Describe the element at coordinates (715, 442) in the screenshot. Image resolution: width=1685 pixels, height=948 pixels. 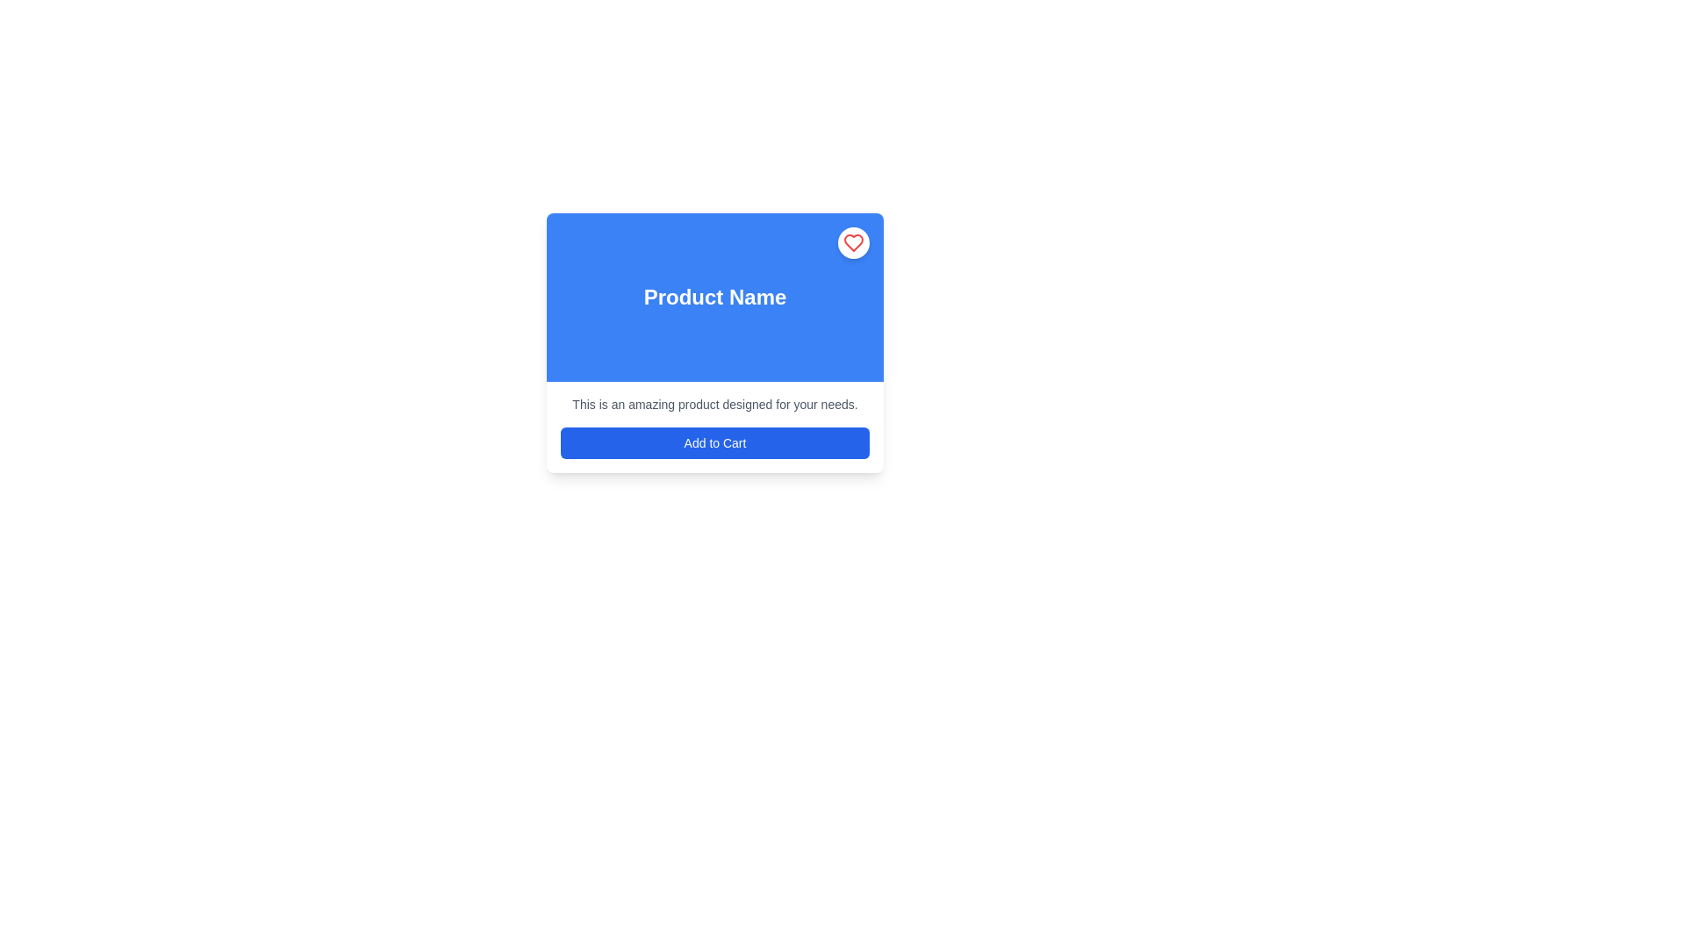
I see `the 'Add to Cart' button, which is a blue rectangular button with rounded corners located centrally in the middle section of the interface` at that location.